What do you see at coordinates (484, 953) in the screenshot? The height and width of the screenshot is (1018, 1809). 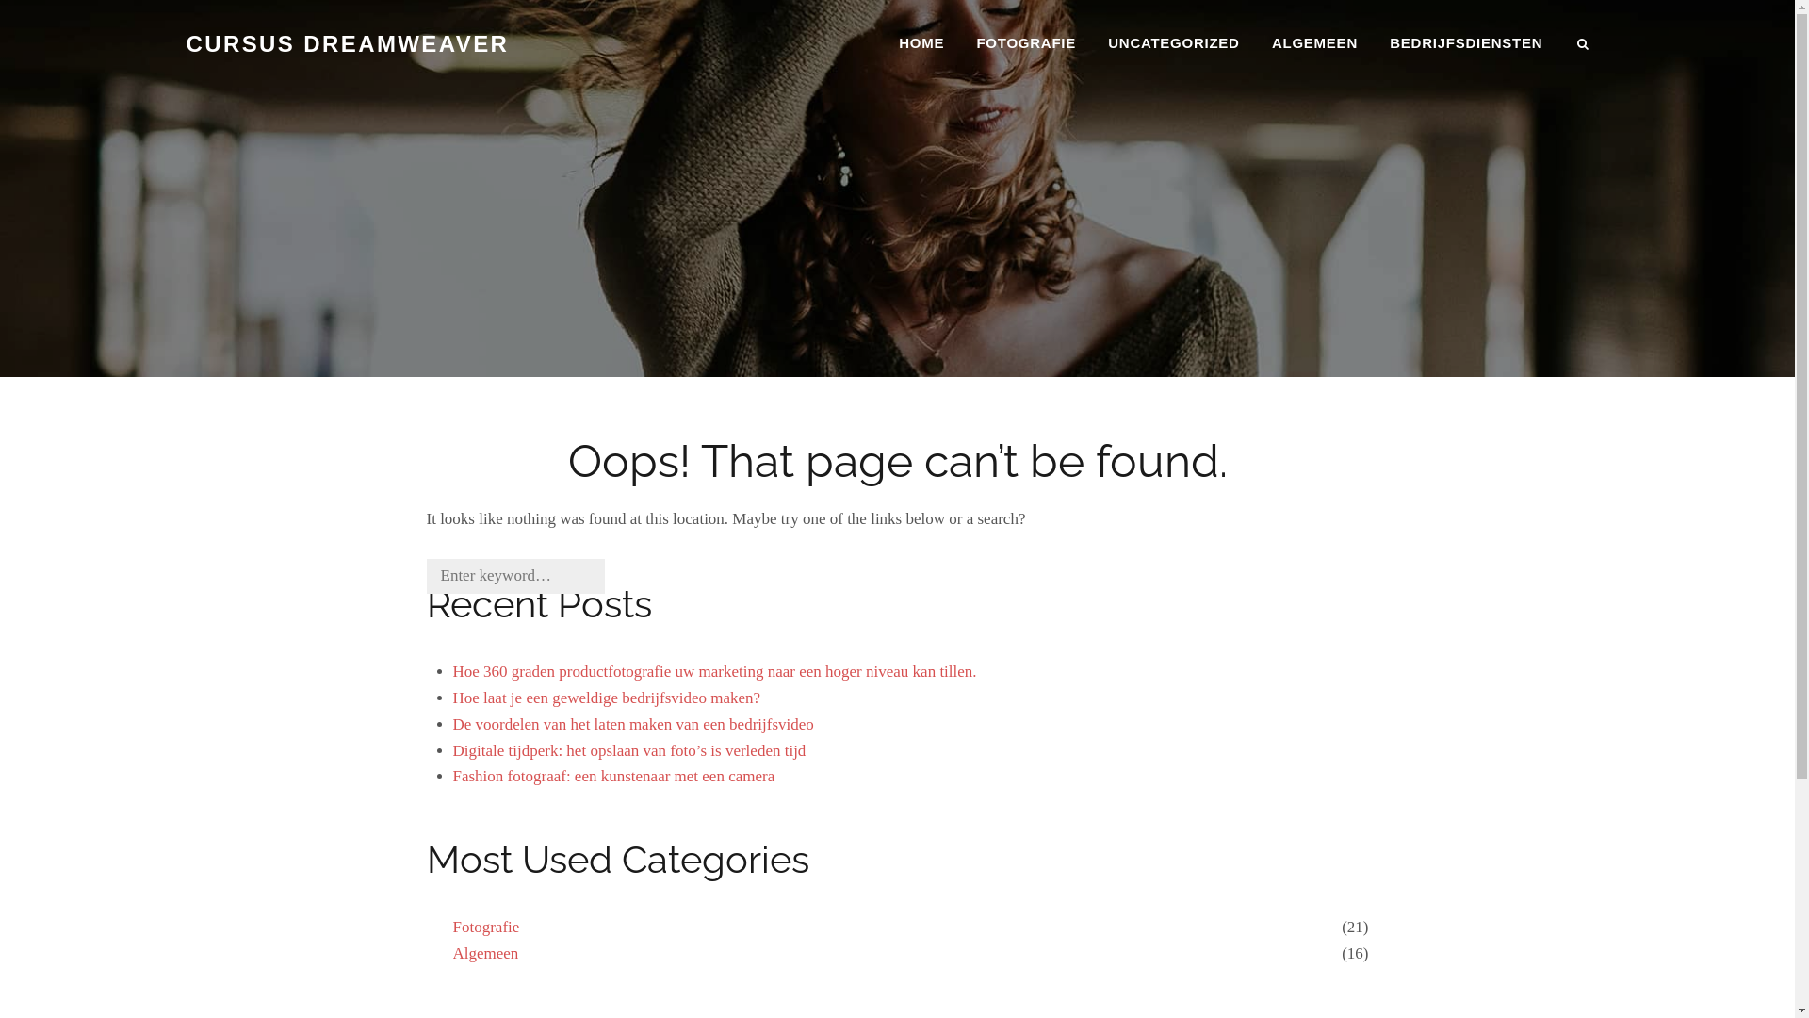 I see `'Algemeen'` at bounding box center [484, 953].